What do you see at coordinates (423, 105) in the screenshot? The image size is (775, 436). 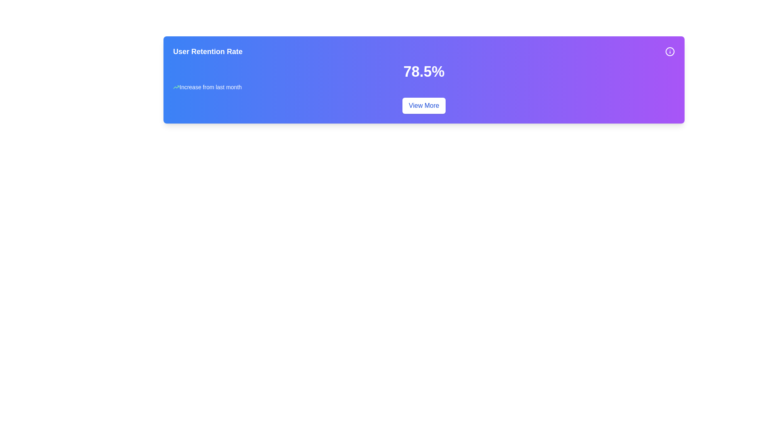 I see `the button located at the bottom center of the card, which is distinguishable by its isolated placement below the text '78.5%'` at bounding box center [423, 105].